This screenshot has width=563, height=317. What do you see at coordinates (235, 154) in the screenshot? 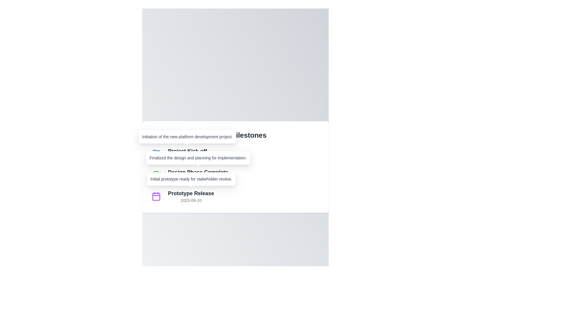
I see `the milestone labeled 'Project Kick-off'` at bounding box center [235, 154].